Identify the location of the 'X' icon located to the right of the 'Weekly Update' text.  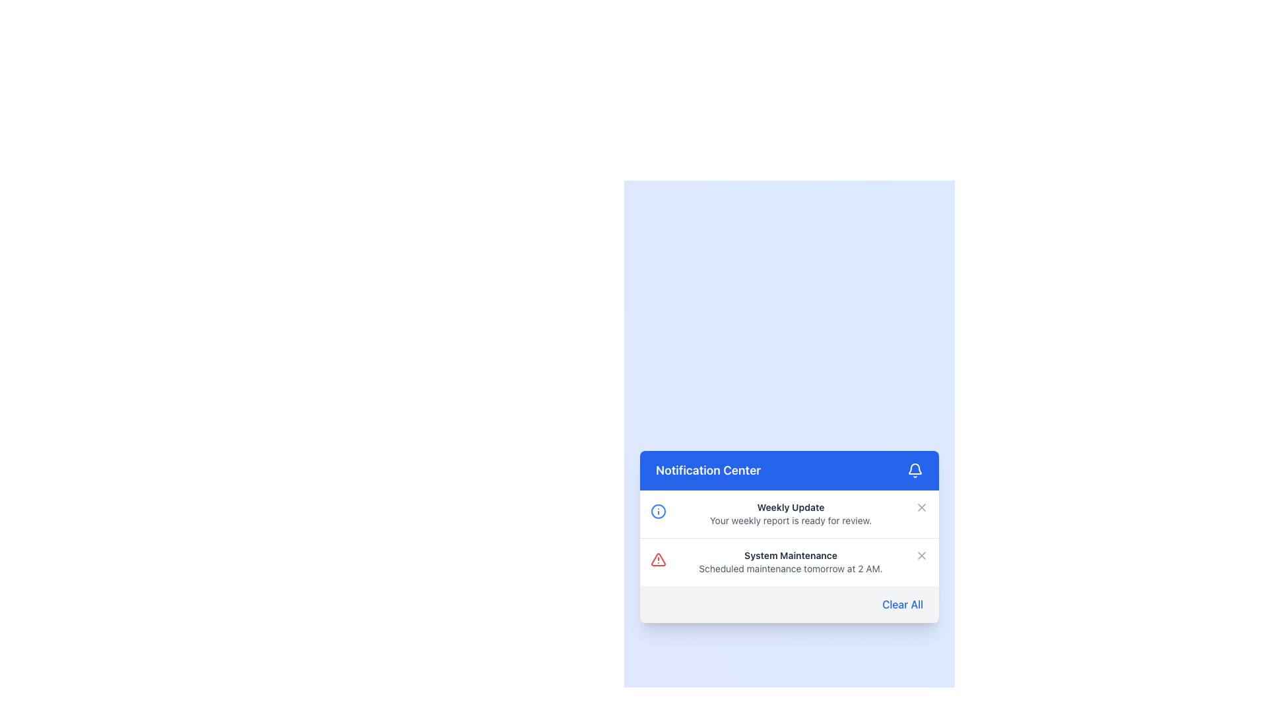
(921, 506).